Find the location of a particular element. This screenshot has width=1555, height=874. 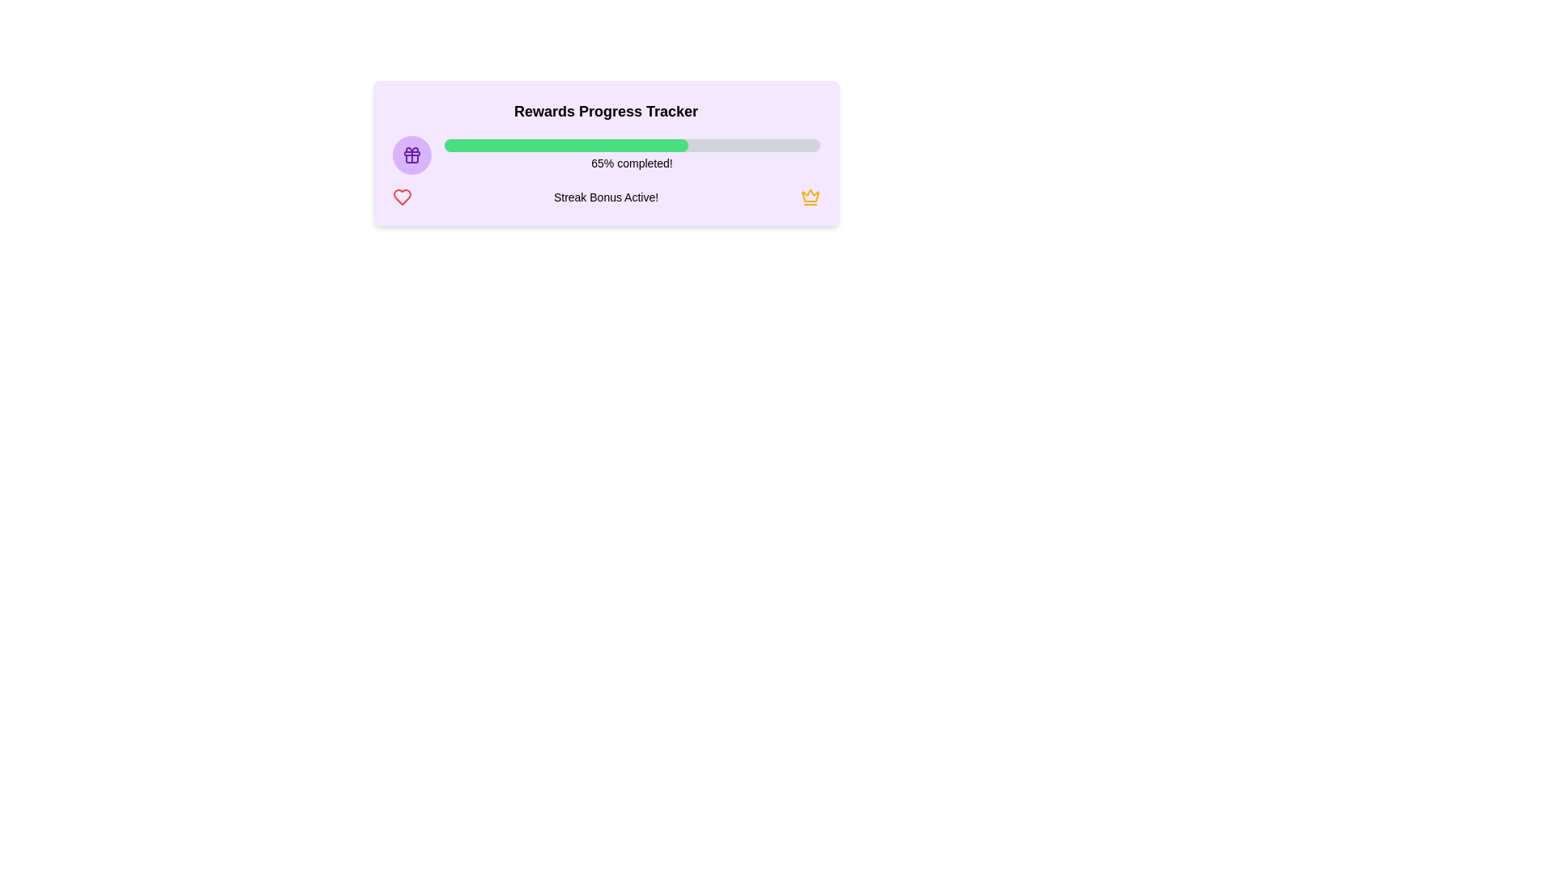

the heart icon that symbolizes favorites, likes, or rewards, located to the left of the 'Streak Bonus Active!' text is located at coordinates (402, 196).